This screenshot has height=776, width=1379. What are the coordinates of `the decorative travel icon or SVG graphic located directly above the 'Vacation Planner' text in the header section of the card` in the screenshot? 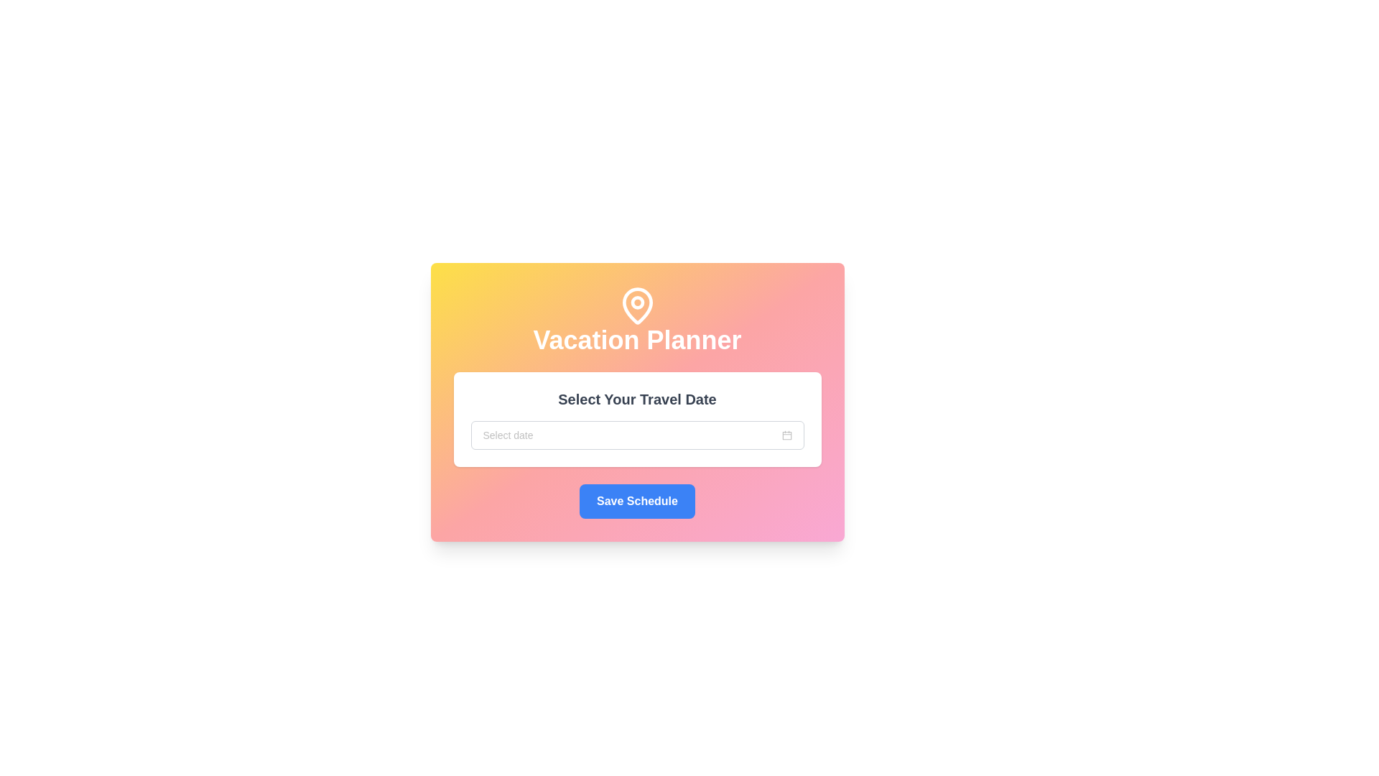 It's located at (636, 305).